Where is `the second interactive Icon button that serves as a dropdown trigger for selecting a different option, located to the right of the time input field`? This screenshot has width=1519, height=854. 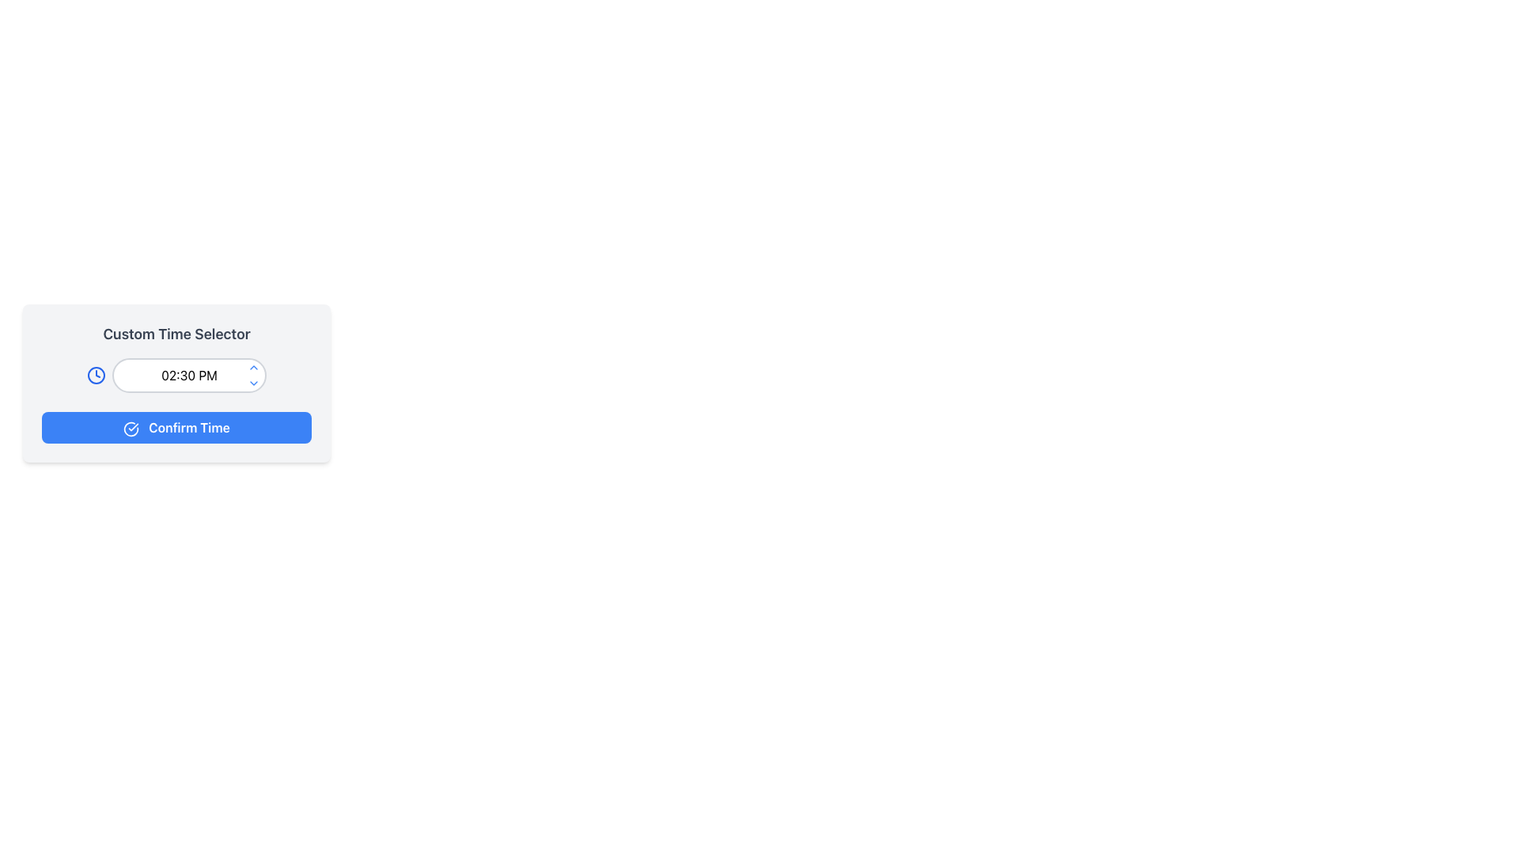 the second interactive Icon button that serves as a dropdown trigger for selecting a different option, located to the right of the time input field is located at coordinates (254, 384).